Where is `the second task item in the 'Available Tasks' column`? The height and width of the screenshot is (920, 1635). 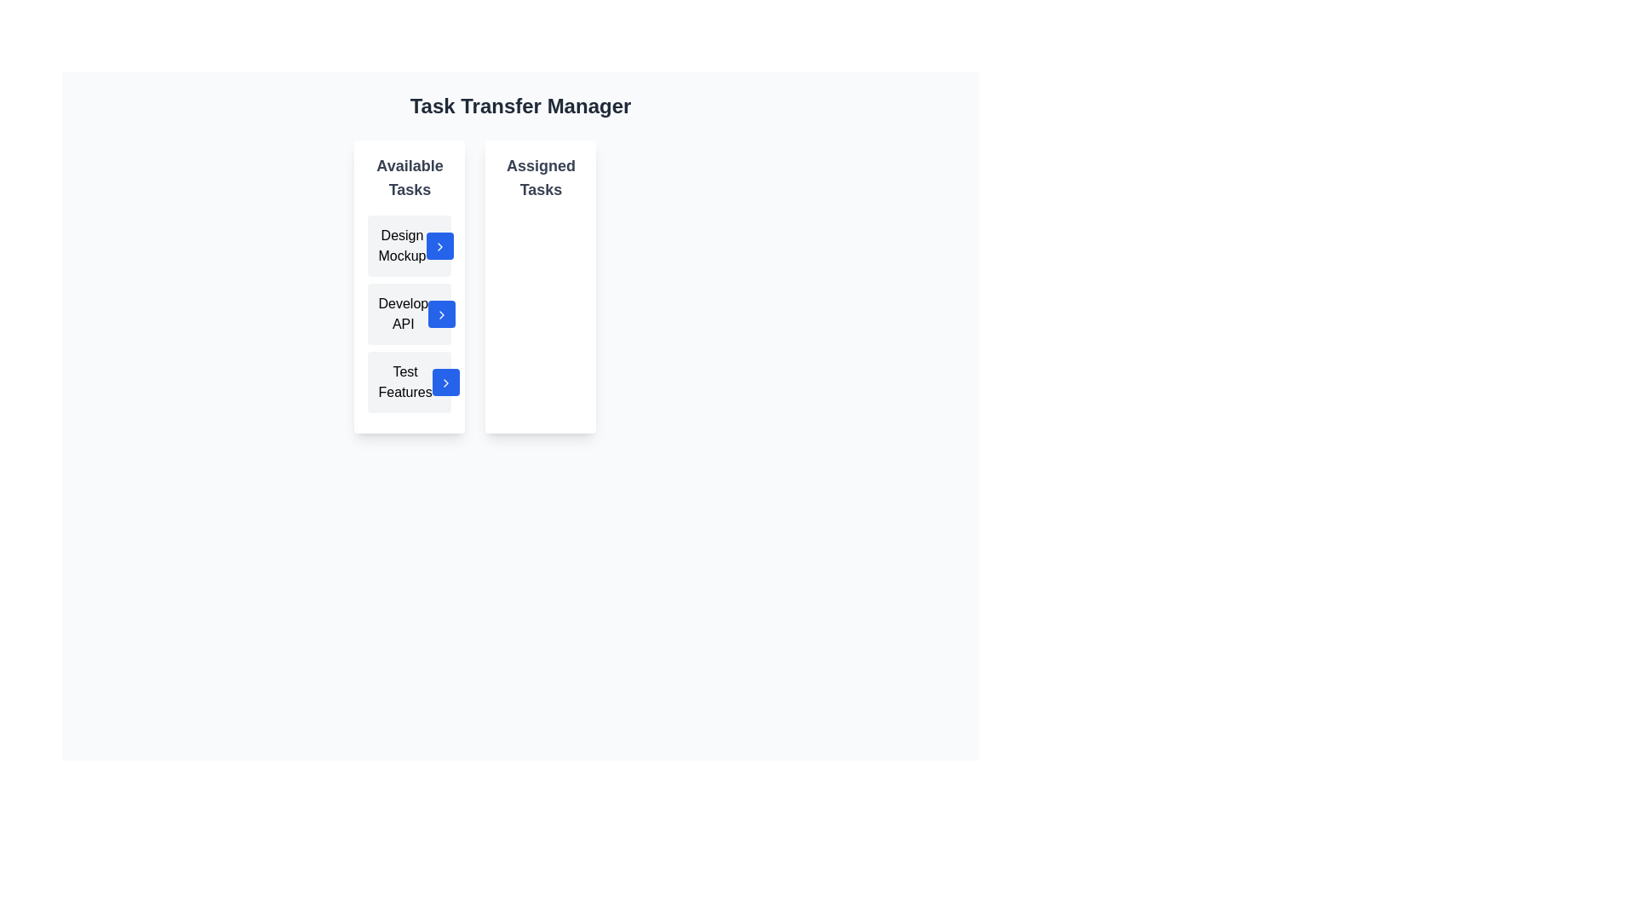
the second task item in the 'Available Tasks' column is located at coordinates (410, 314).